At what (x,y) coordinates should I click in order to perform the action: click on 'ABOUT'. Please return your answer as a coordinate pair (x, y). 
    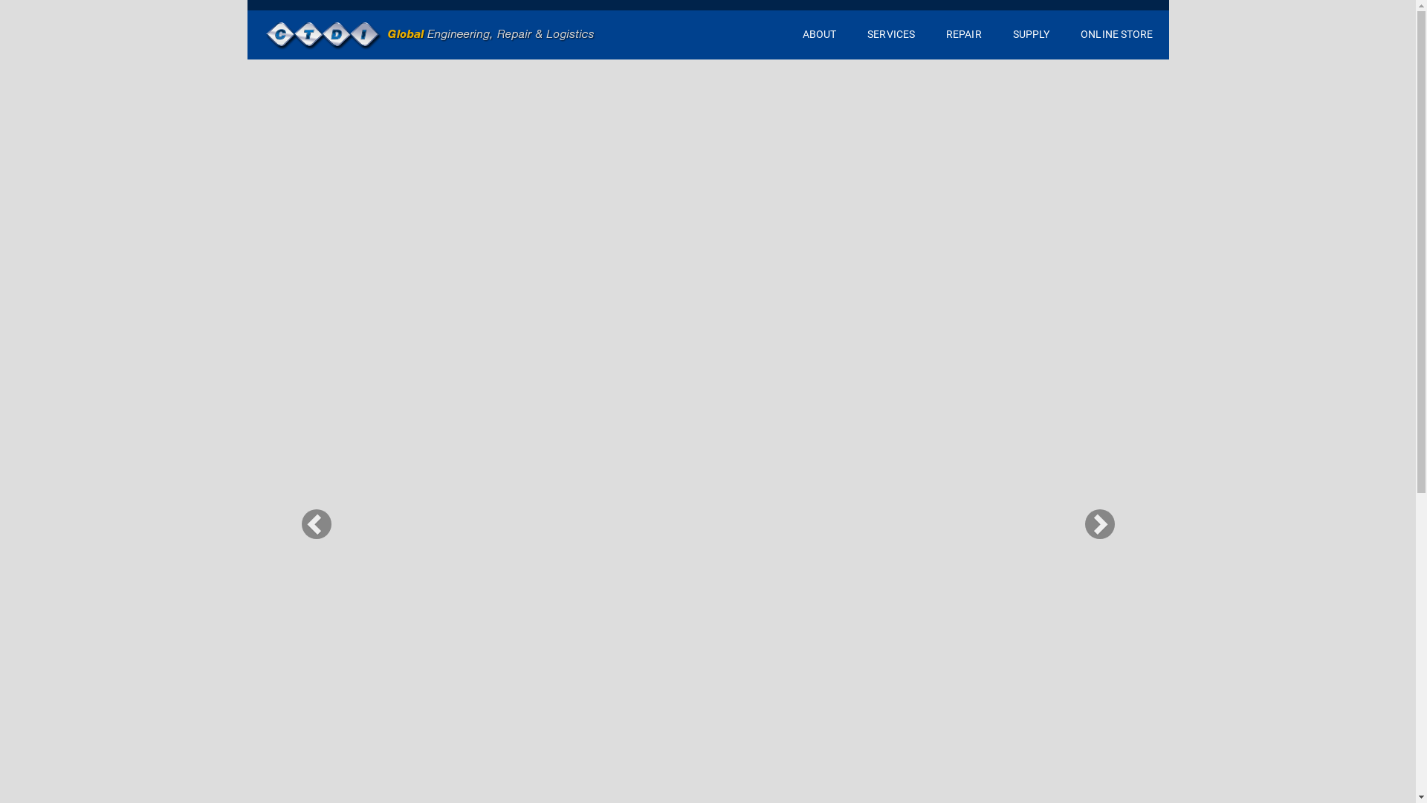
    Looking at the image, I should click on (819, 33).